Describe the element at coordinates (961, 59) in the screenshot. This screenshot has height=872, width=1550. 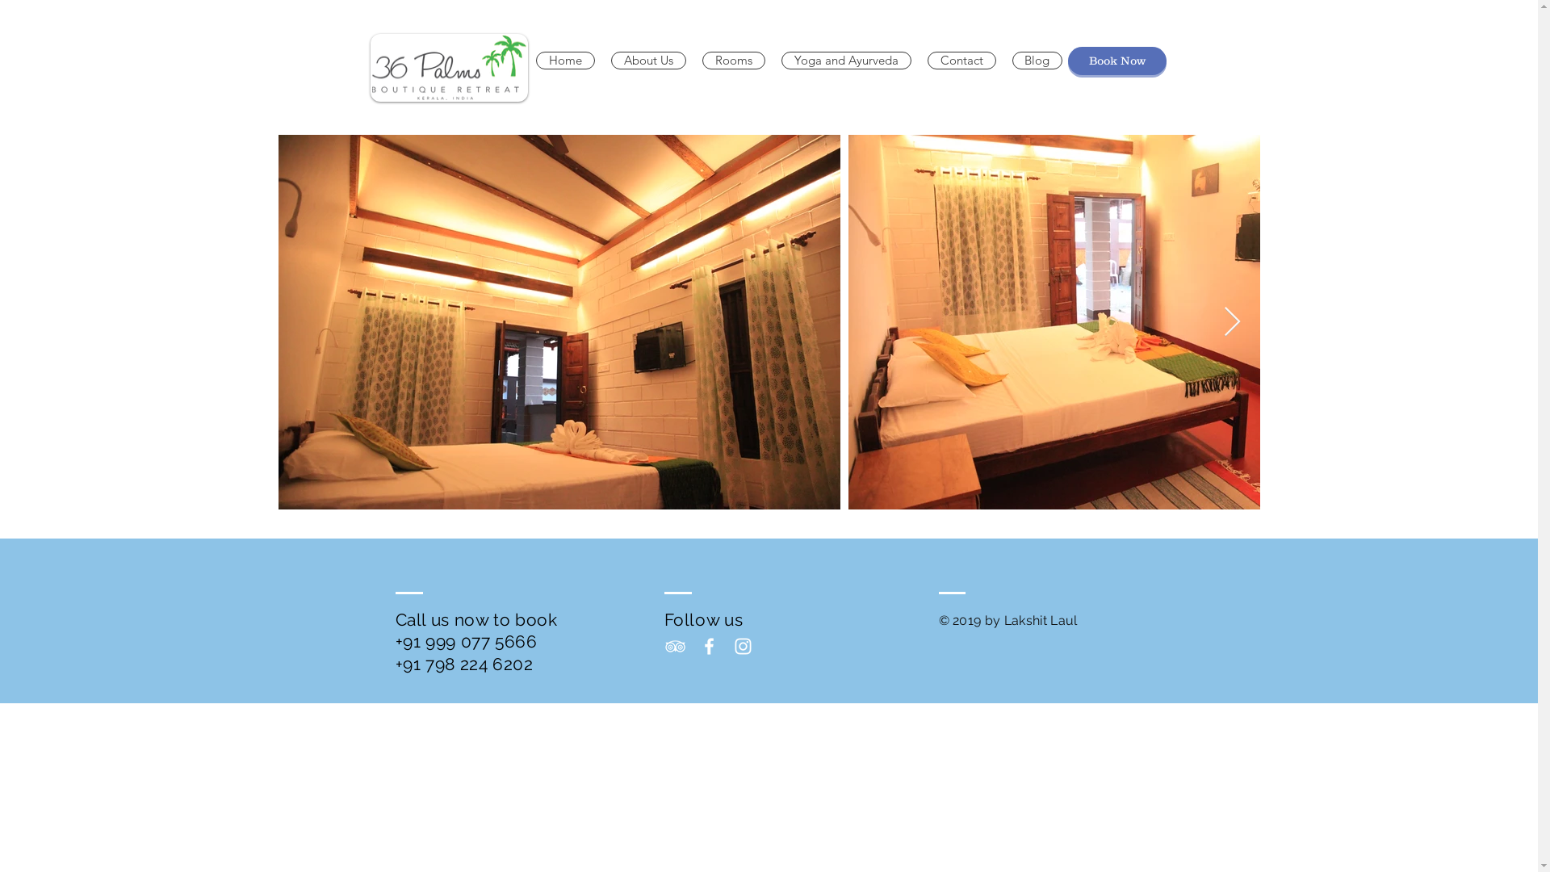
I see `'Contact'` at that location.